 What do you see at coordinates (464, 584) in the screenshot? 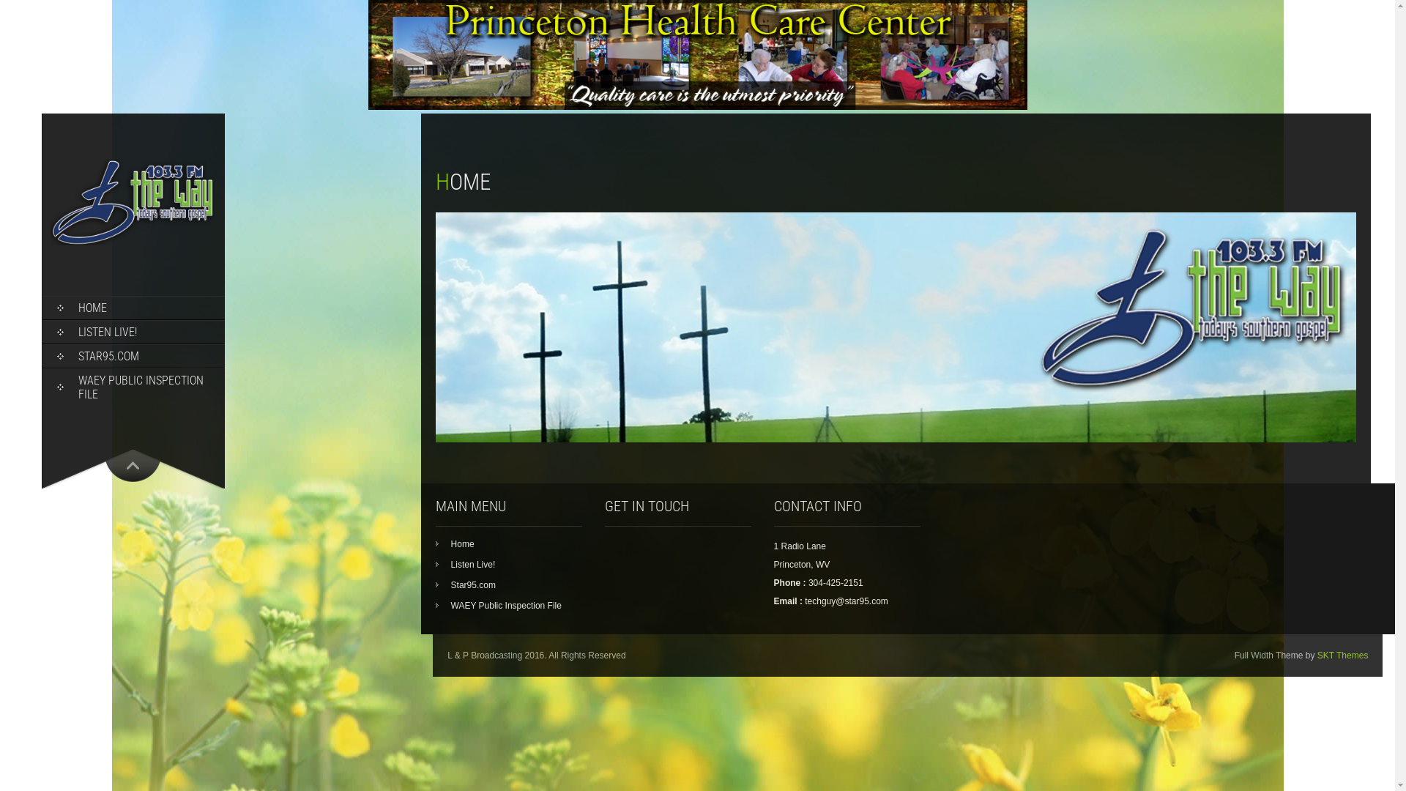
I see `'Star95.com'` at bounding box center [464, 584].